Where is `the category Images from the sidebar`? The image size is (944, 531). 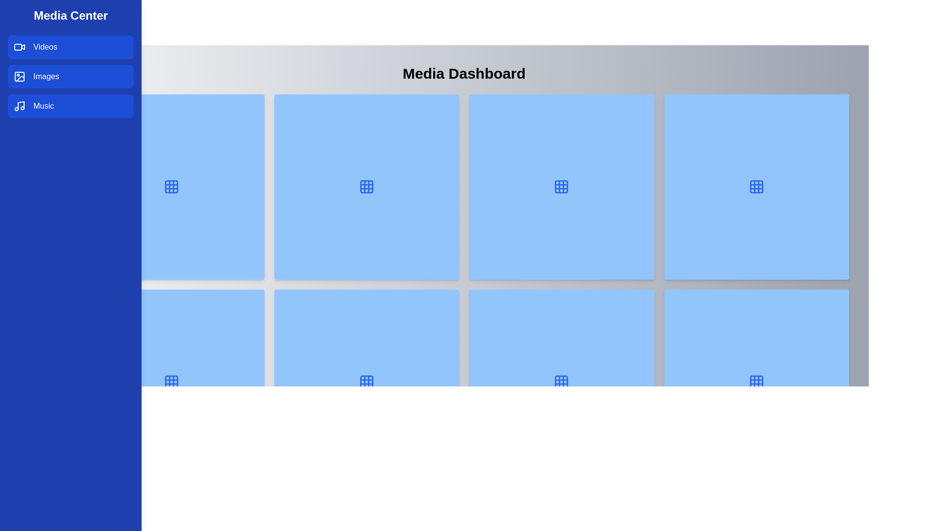 the category Images from the sidebar is located at coordinates (70, 76).